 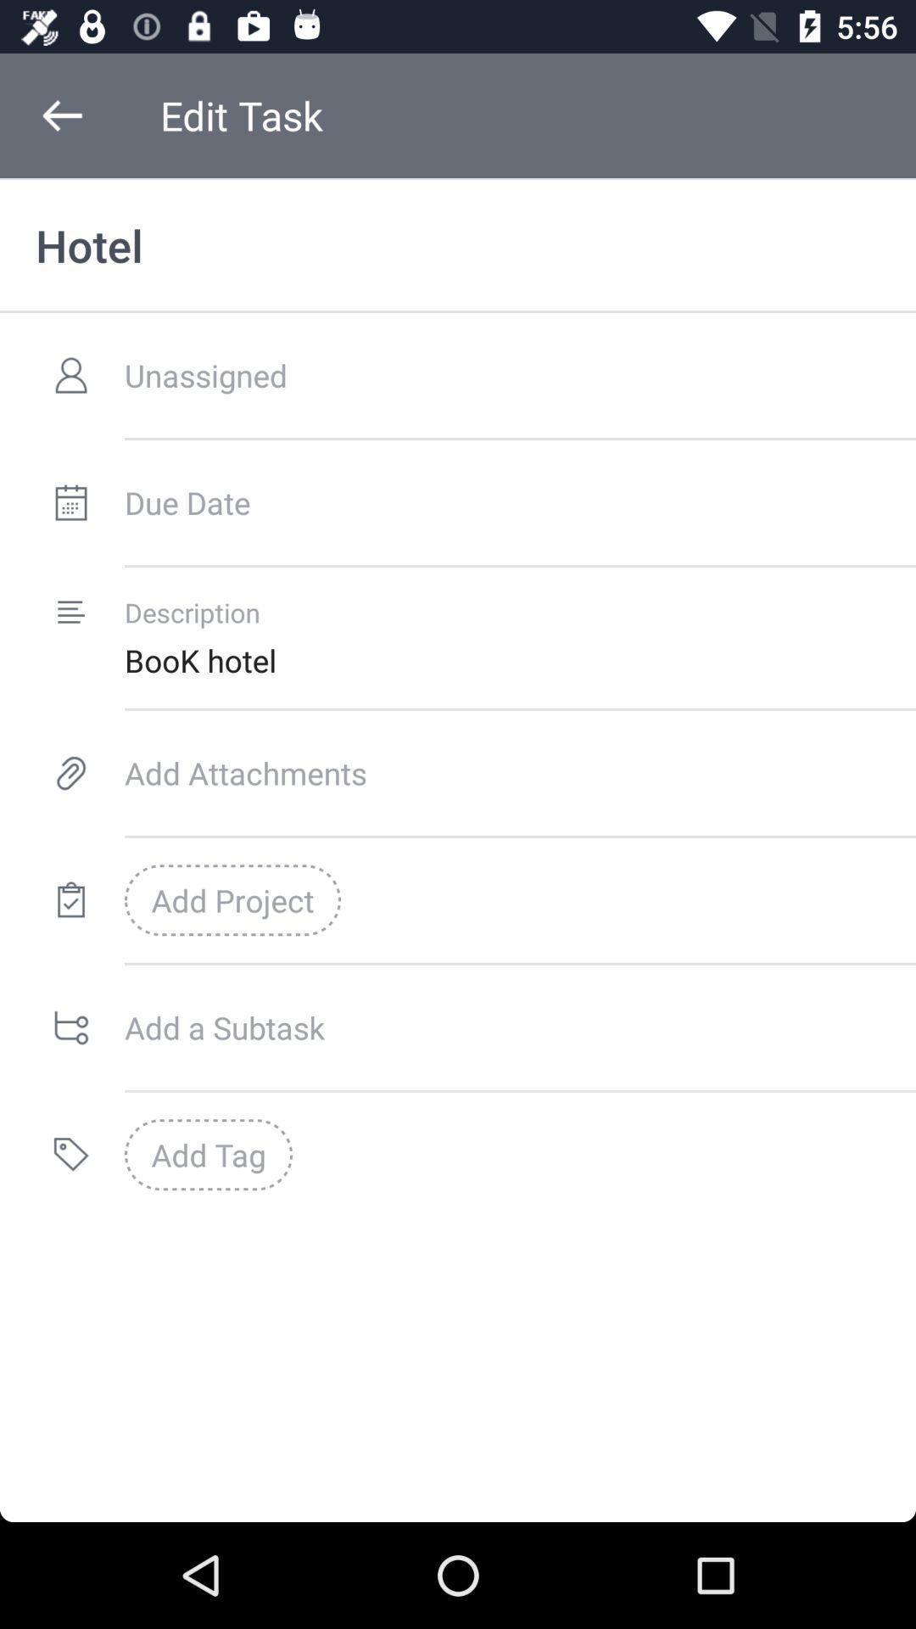 I want to click on the add project, so click(x=232, y=899).